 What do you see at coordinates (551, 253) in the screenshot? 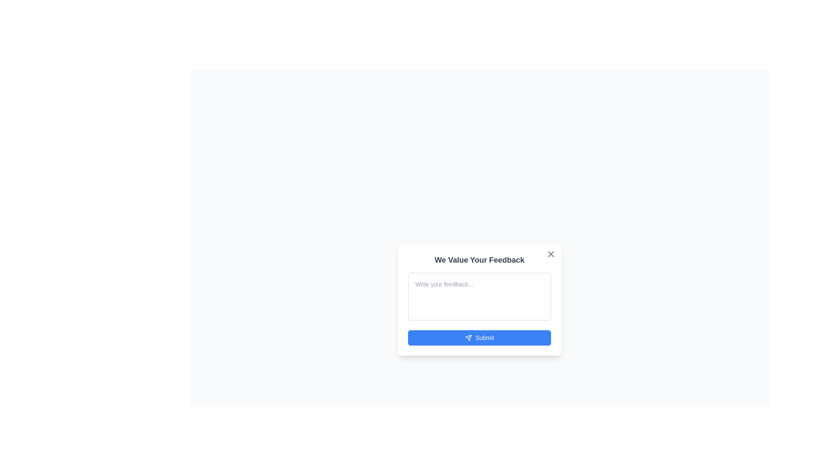
I see `the 'X' icon button located in the top-right corner of the 'We Value Your Feedback' modal` at bounding box center [551, 253].